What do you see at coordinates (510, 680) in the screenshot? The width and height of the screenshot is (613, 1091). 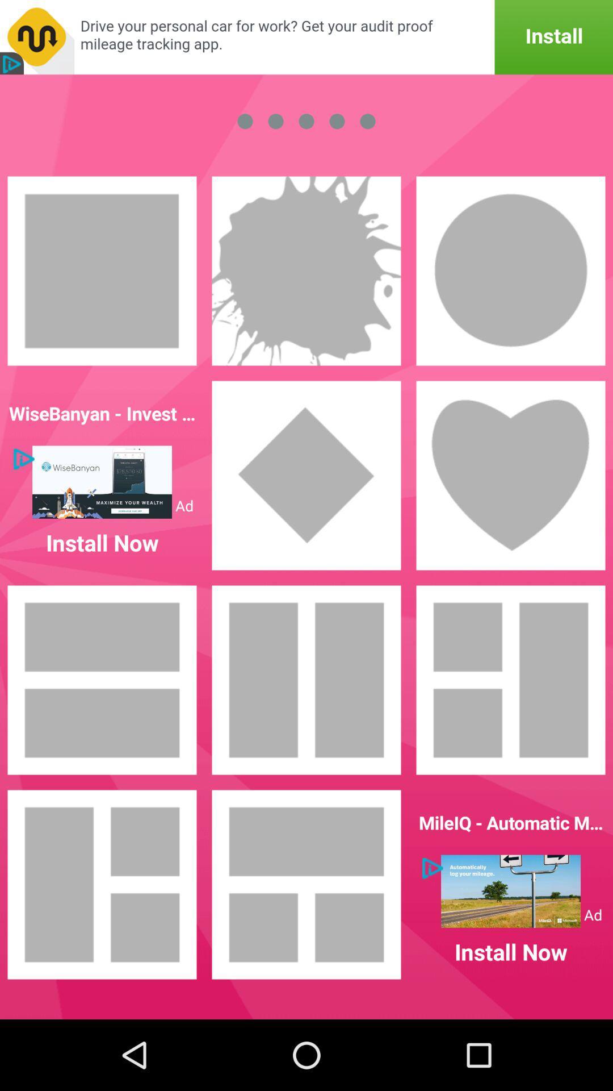 I see `layout` at bounding box center [510, 680].